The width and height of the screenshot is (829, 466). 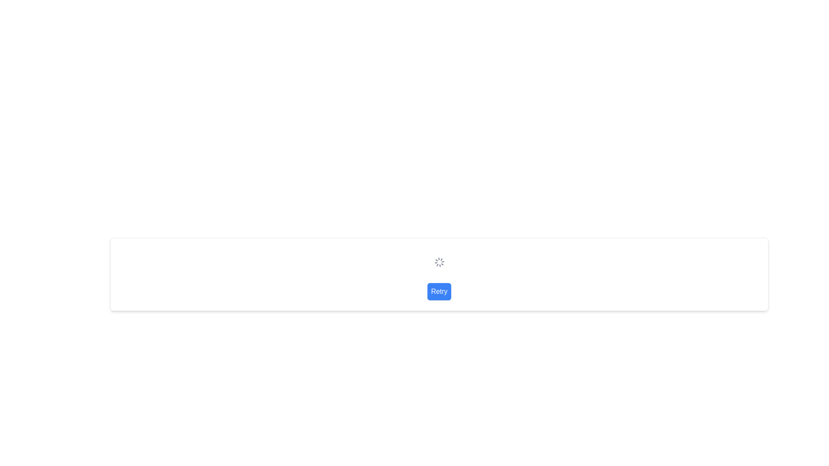 What do you see at coordinates (439, 262) in the screenshot?
I see `the Loader (spinning animation) which indicates an ongoing process, located above the 'Retry' button` at bounding box center [439, 262].